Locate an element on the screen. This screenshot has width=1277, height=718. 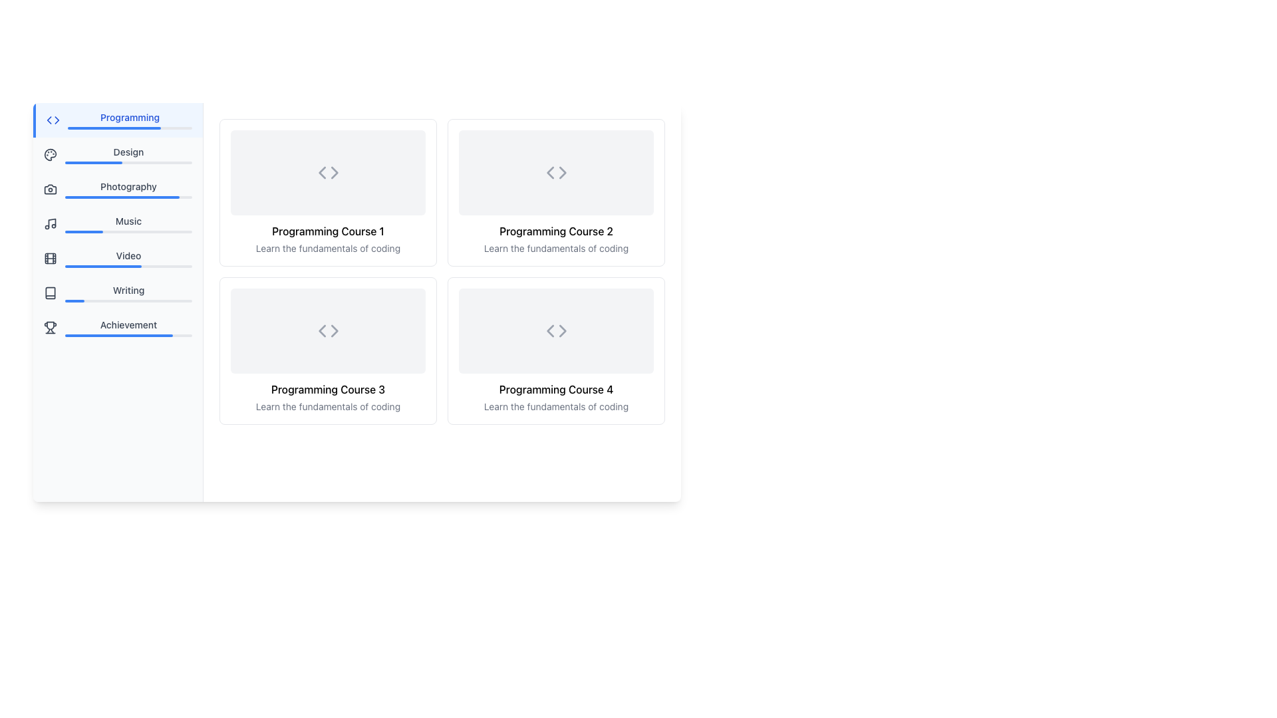
the decorative design element within the film strip icon located in the navigation menu, aligned with the 'Video' category is located at coordinates (51, 259).